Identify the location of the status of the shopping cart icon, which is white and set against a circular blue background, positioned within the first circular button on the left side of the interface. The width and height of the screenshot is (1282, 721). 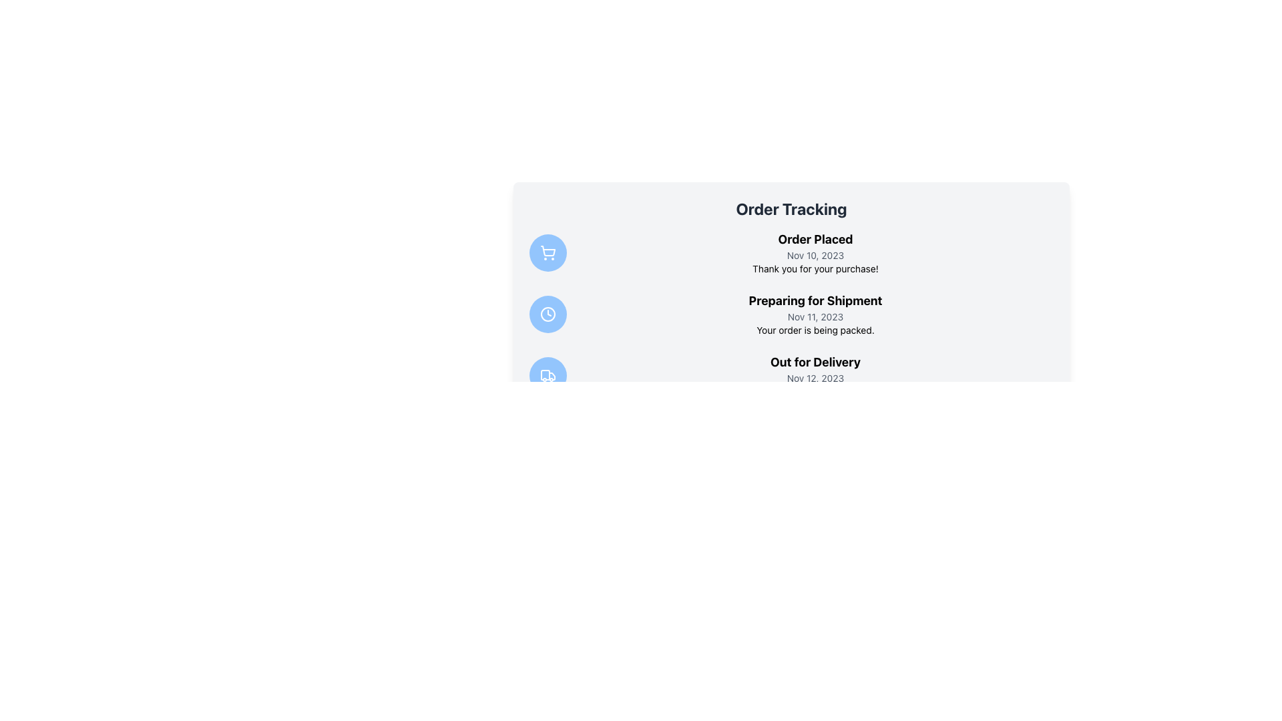
(548, 252).